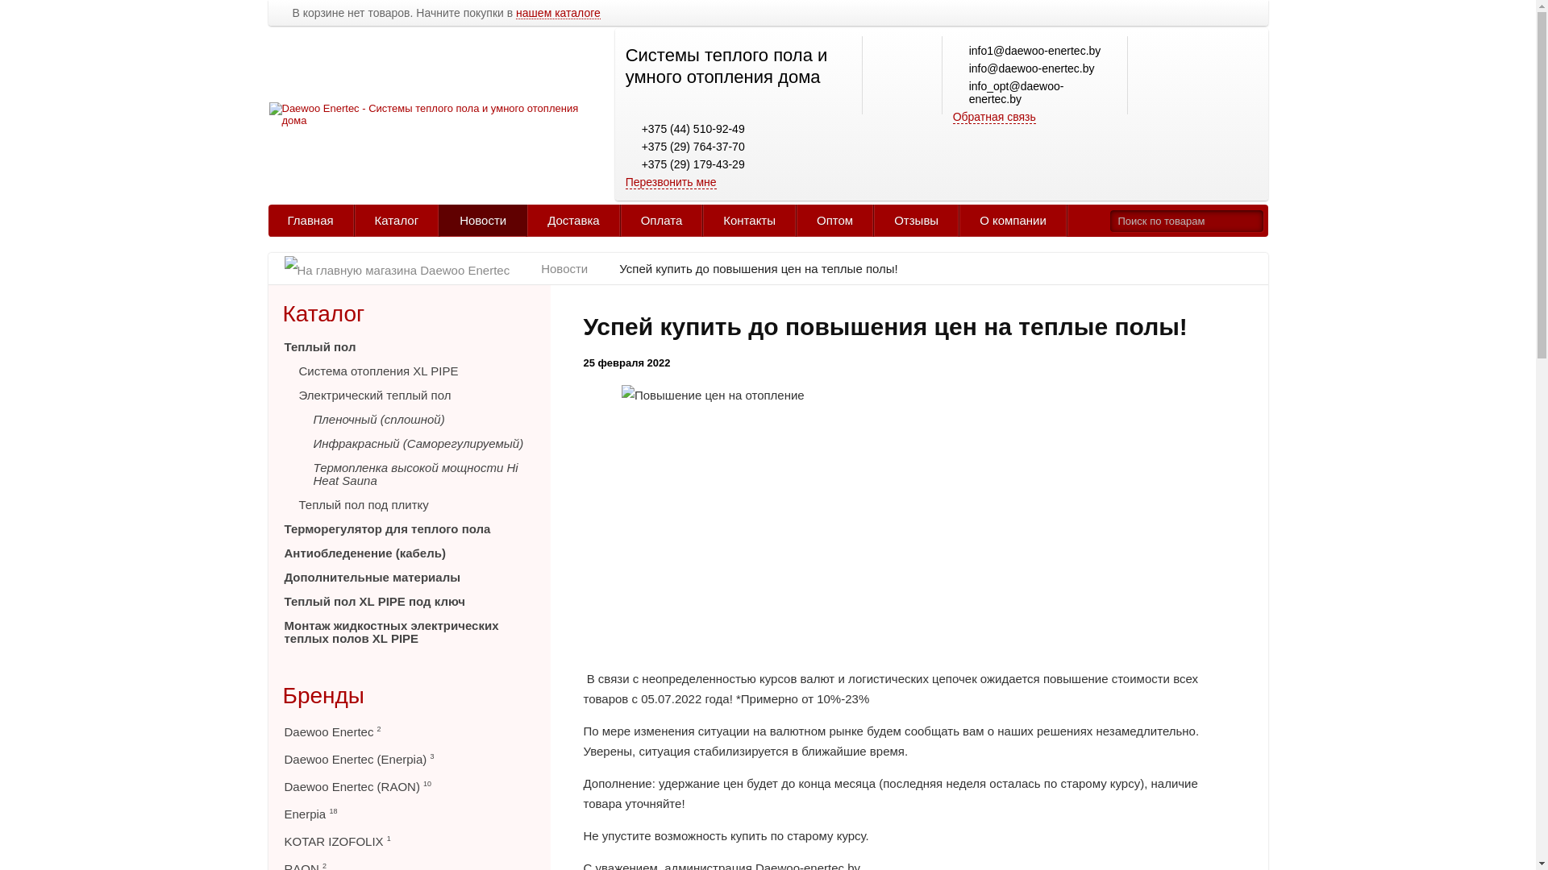 The height and width of the screenshot is (870, 1548). What do you see at coordinates (267, 785) in the screenshot?
I see `'Daewoo Enertec (RAON) 10'` at bounding box center [267, 785].